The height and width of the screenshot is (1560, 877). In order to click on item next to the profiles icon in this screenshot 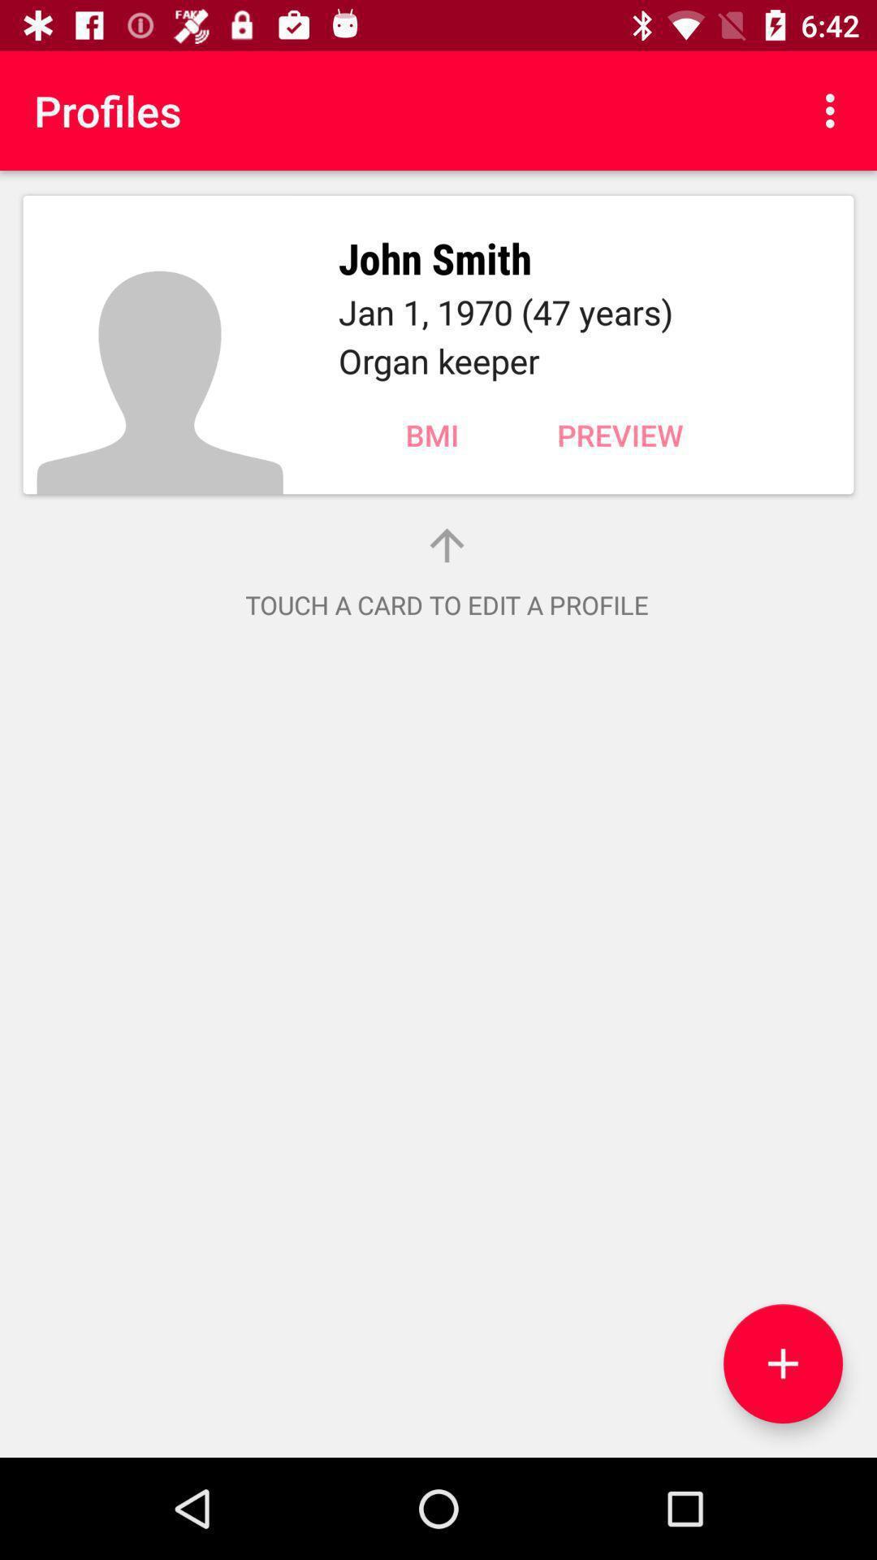, I will do `click(834, 110)`.